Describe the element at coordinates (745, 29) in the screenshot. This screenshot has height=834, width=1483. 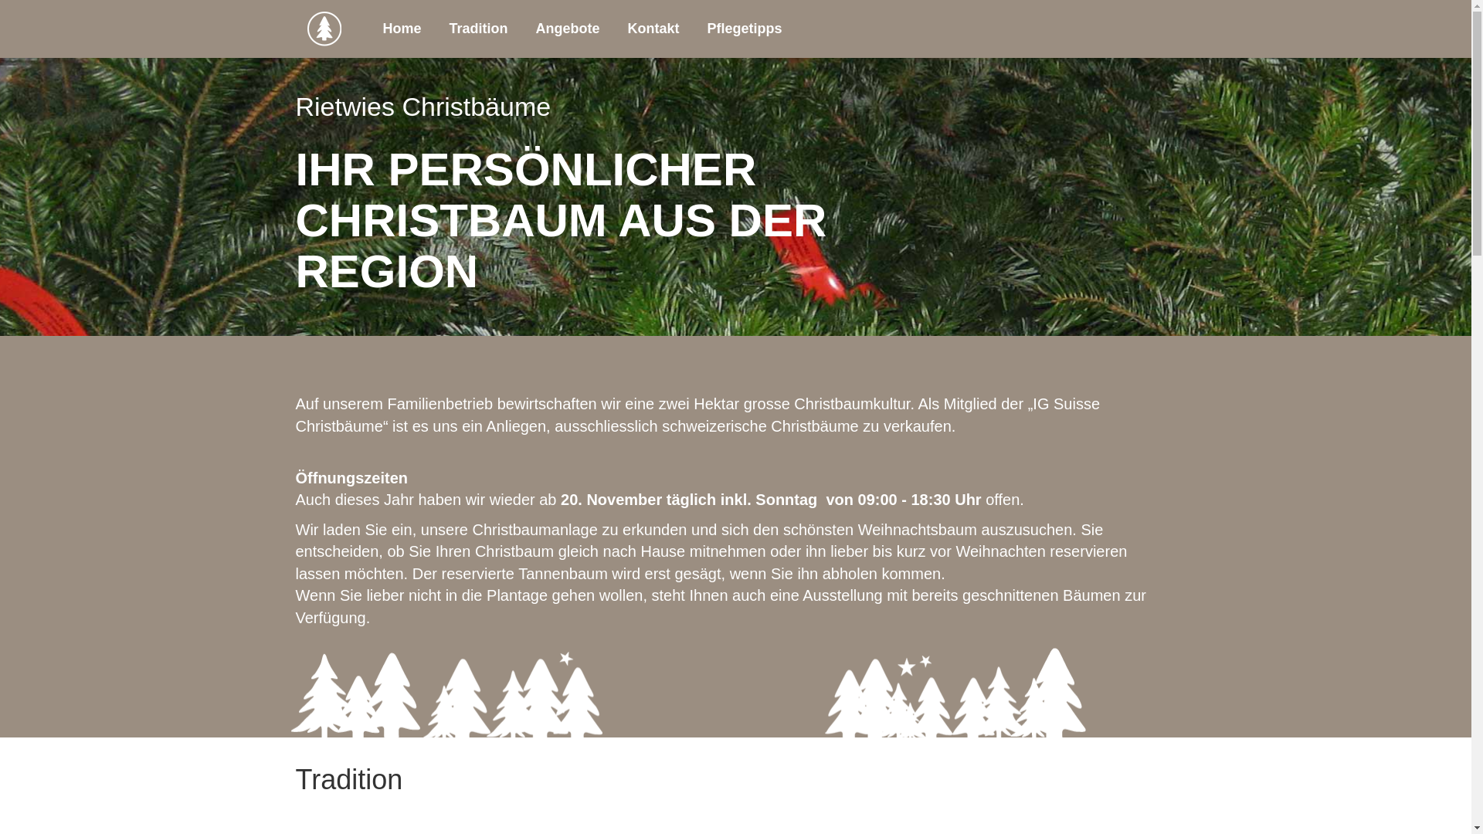
I see `'Pflegetipps'` at that location.